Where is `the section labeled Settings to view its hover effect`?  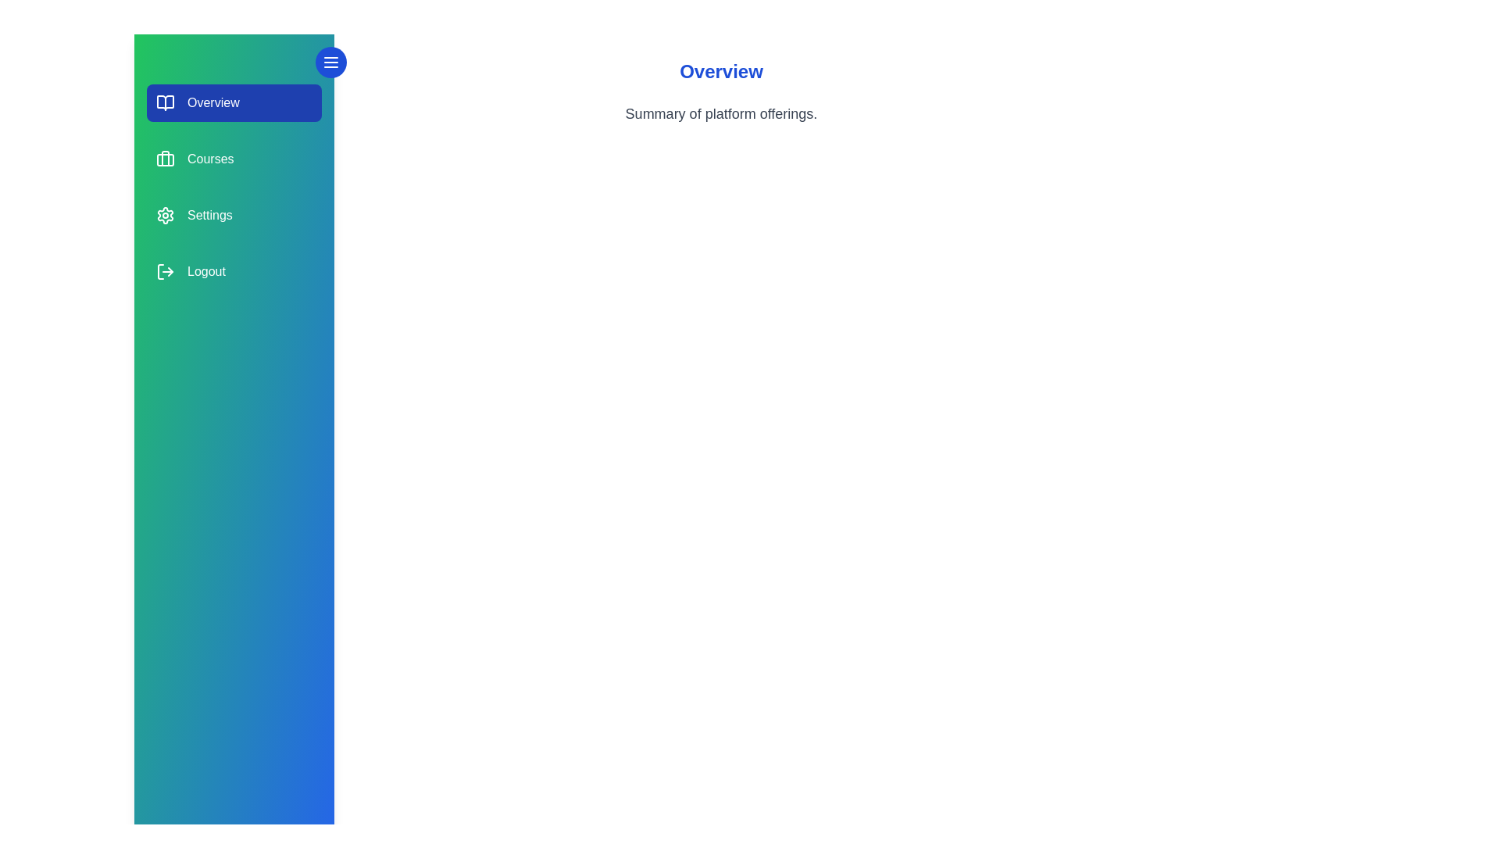 the section labeled Settings to view its hover effect is located at coordinates (233, 216).